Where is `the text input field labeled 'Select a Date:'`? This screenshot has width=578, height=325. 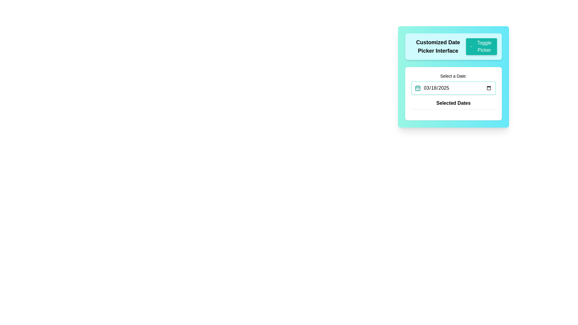 the text input field labeled 'Select a Date:' is located at coordinates (453, 84).